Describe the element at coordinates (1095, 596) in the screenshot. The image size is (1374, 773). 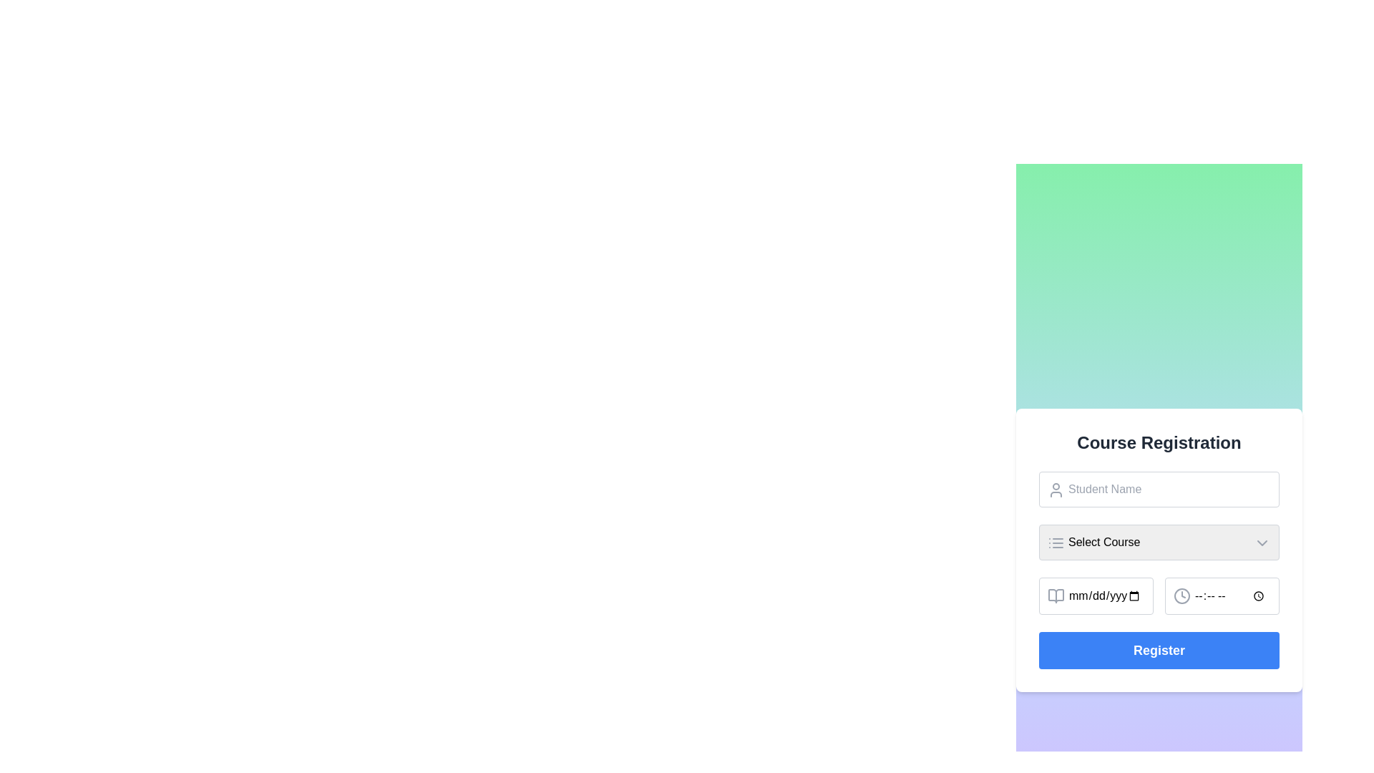
I see `the calendar icon in the Date picker input field located in the 'Course Registration' form` at that location.